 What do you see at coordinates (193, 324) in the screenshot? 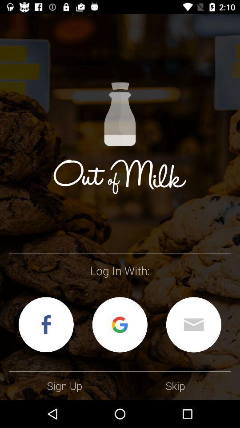
I see `log in with email address` at bounding box center [193, 324].